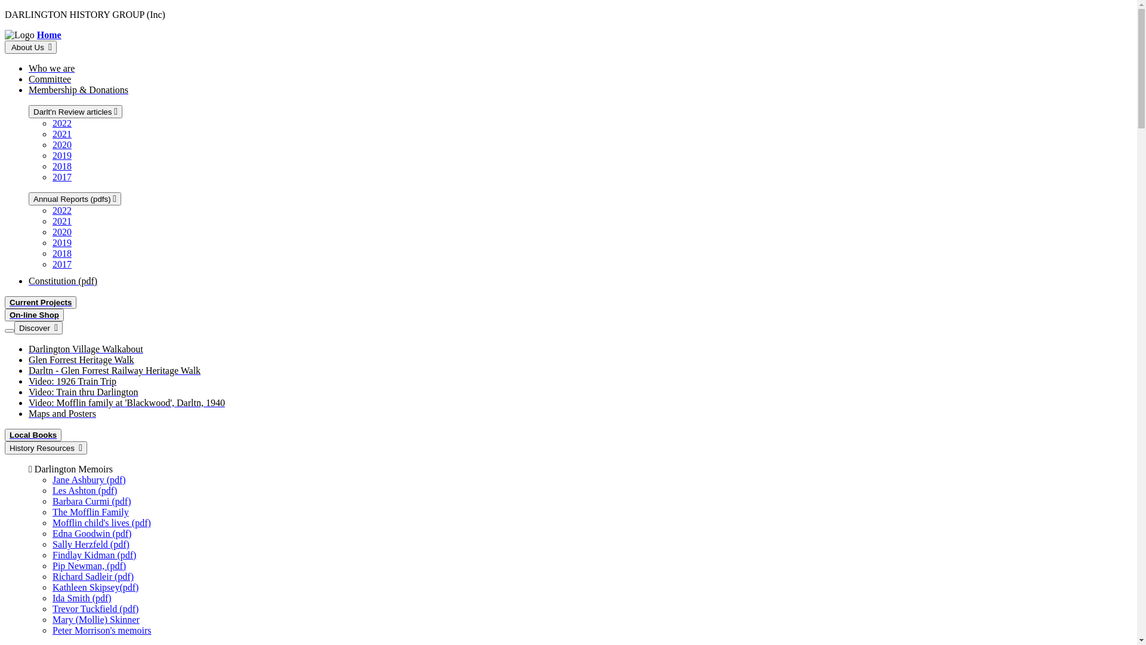 This screenshot has width=1146, height=645. I want to click on ' About Us  ', so click(30, 46).